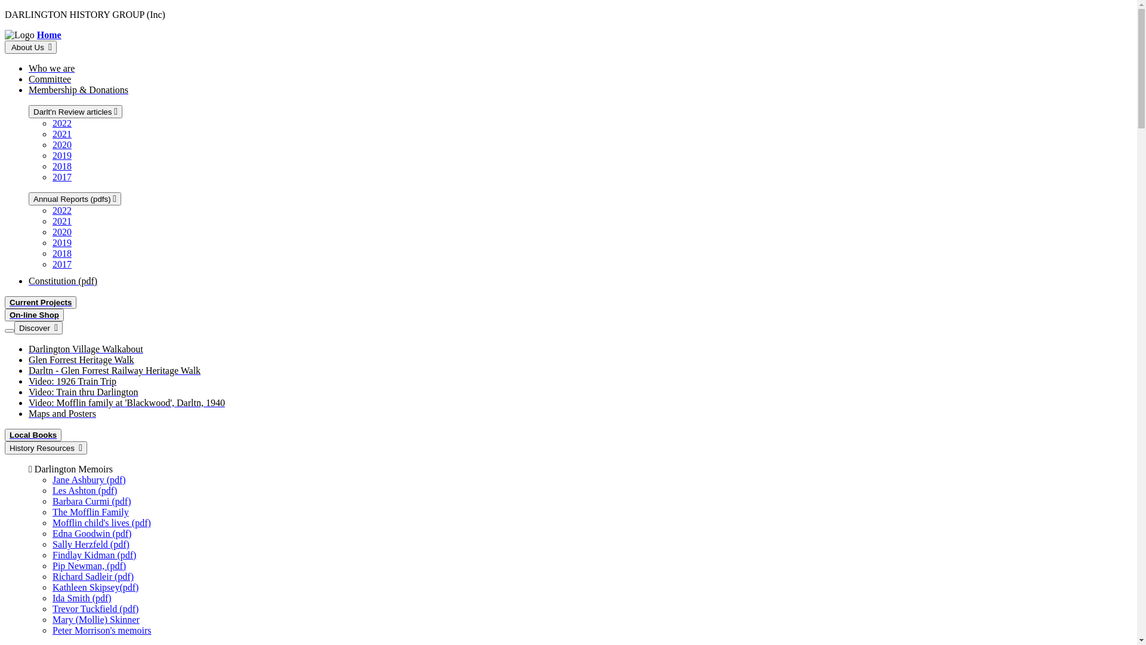 This screenshot has width=1146, height=645. I want to click on ' About Us  ', so click(30, 46).